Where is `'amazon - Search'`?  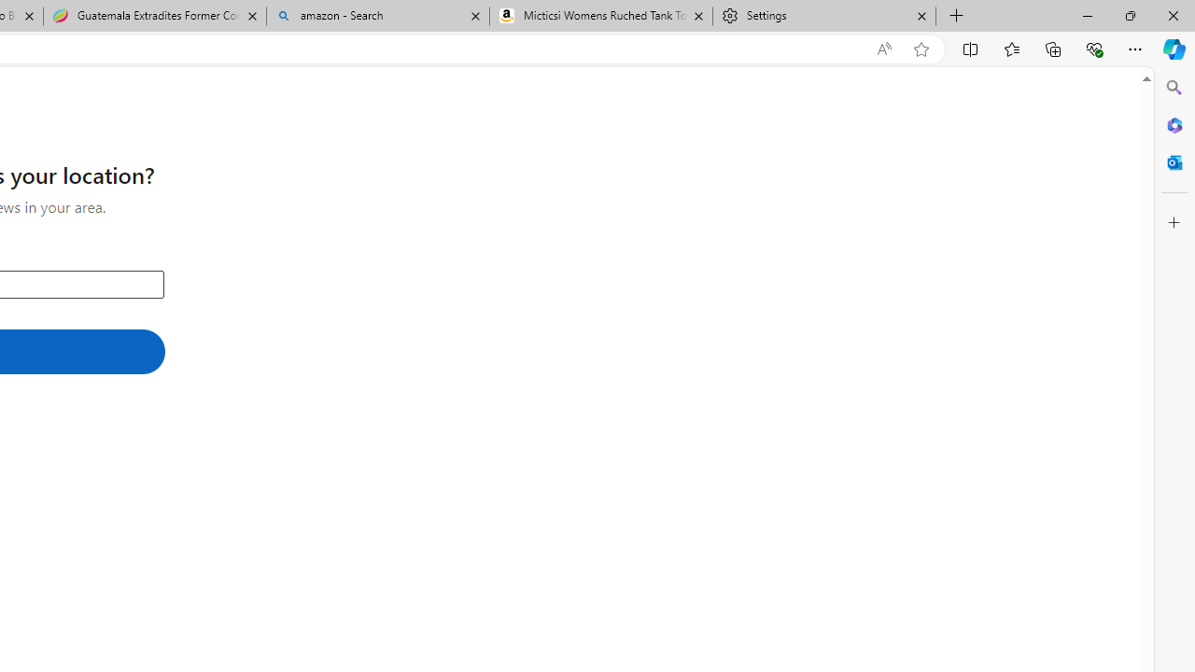 'amazon - Search' is located at coordinates (376, 16).